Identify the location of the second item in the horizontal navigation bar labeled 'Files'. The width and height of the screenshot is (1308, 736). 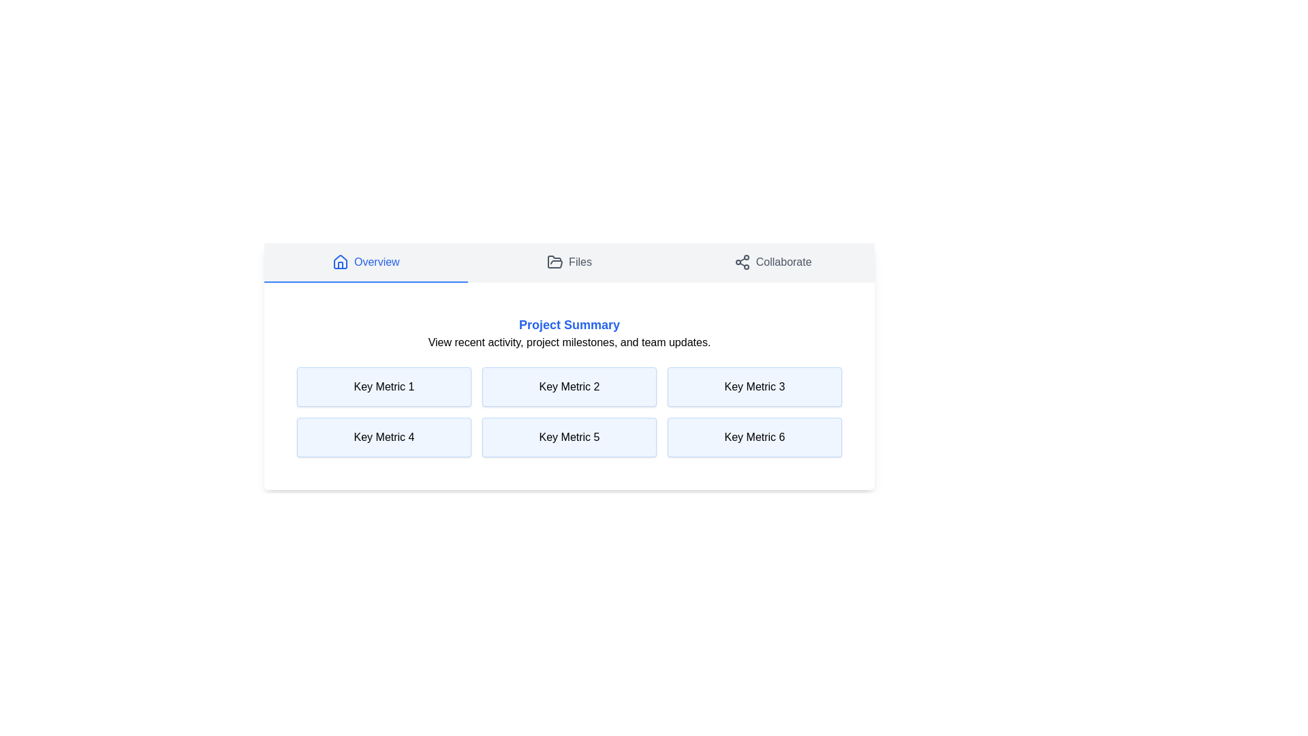
(569, 262).